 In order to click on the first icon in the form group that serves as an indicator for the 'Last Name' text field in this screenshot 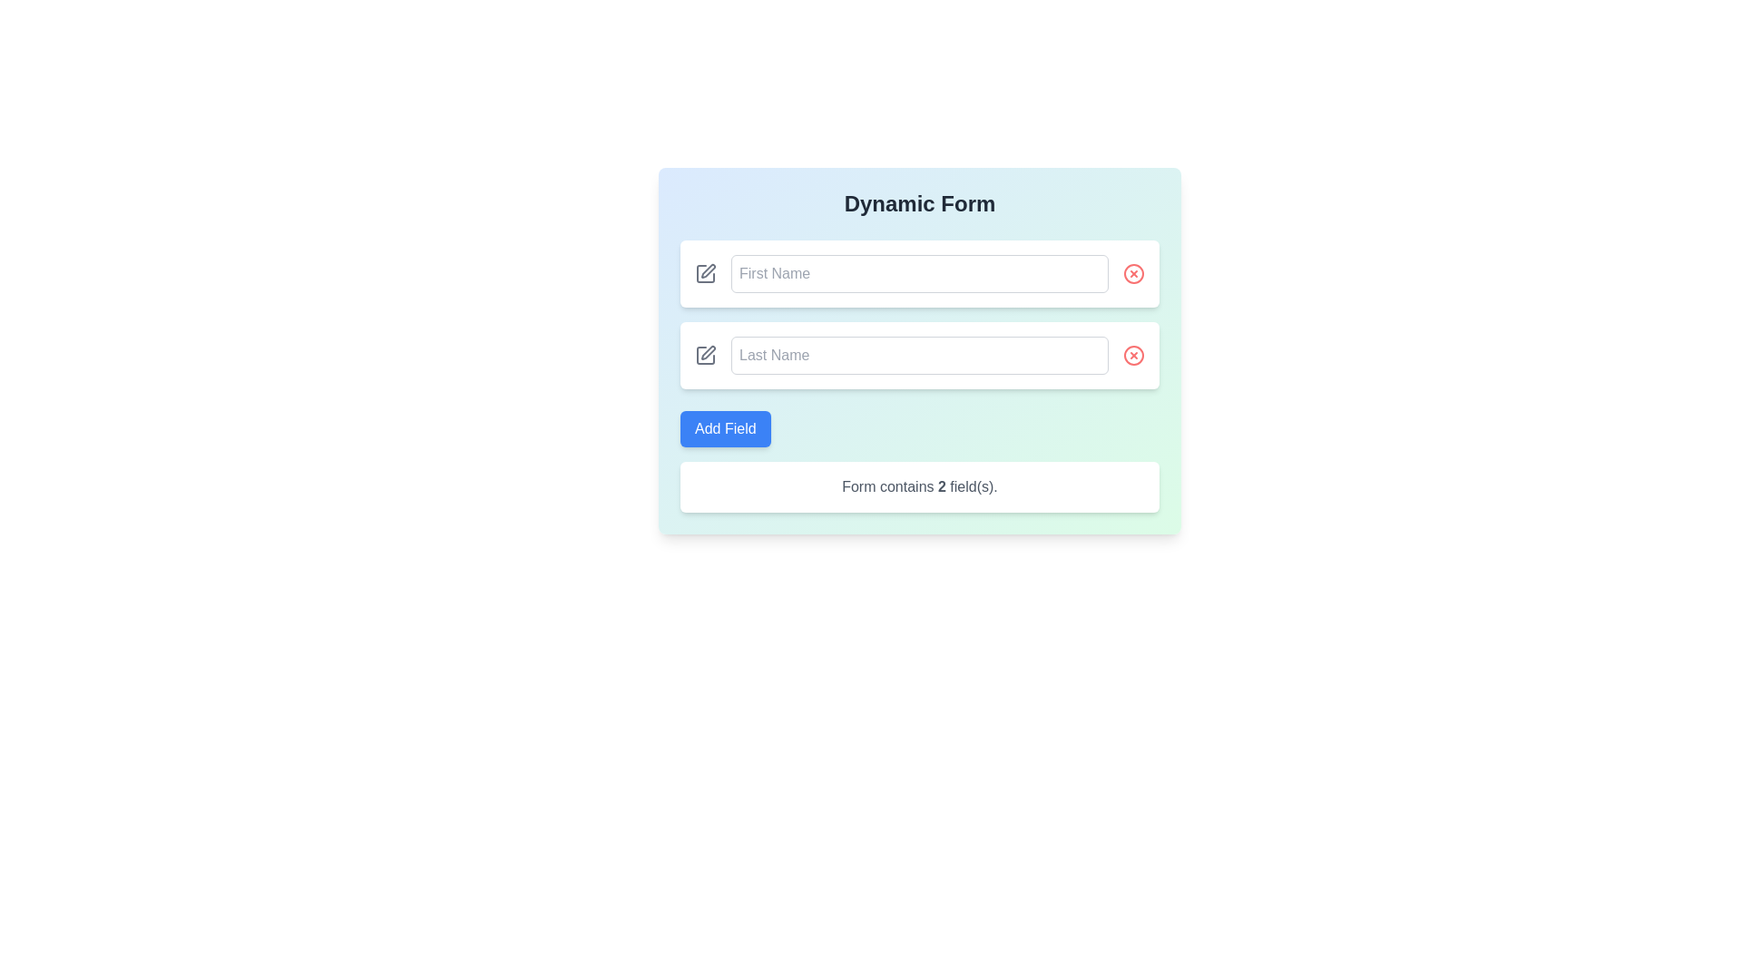, I will do `click(704, 356)`.